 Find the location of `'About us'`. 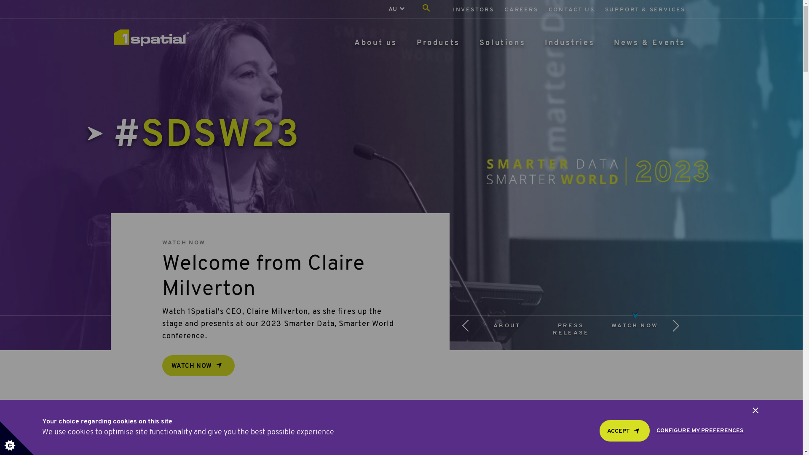

'About us' is located at coordinates (375, 43).